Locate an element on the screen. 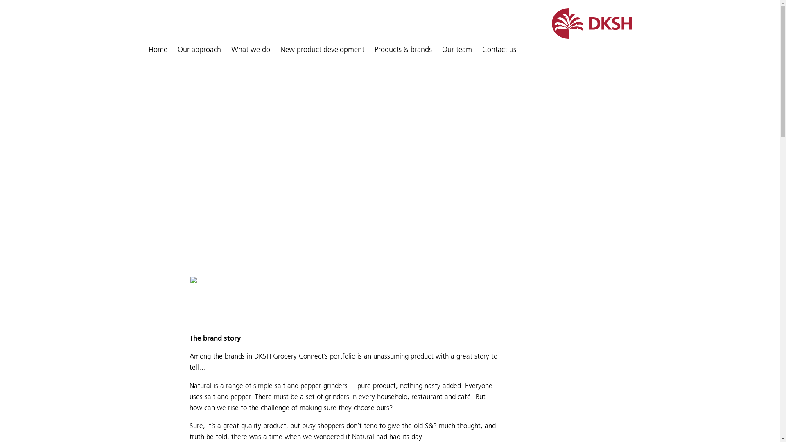  'Contact us' is located at coordinates (499, 50).